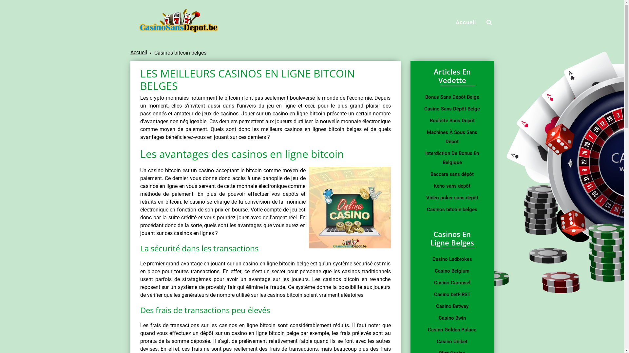  What do you see at coordinates (451, 330) in the screenshot?
I see `'Casino Golden Palace'` at bounding box center [451, 330].